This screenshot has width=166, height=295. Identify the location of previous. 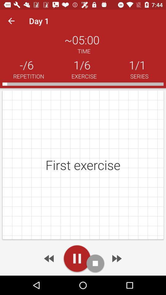
(49, 258).